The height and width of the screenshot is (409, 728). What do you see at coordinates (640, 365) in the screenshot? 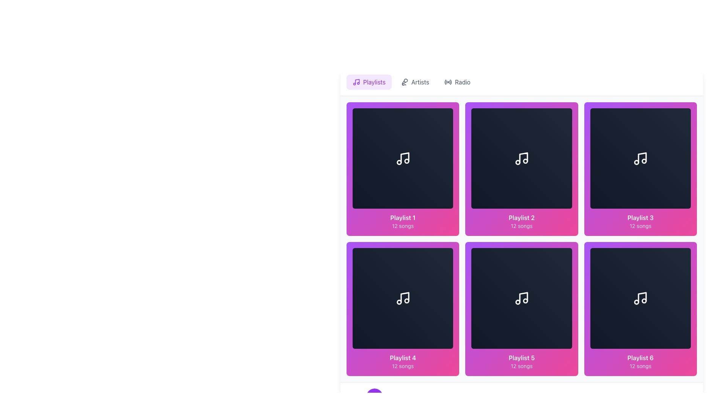
I see `the text label indicating the total number of songs (12) in 'Playlist 6' located at the bottom part of the card in the second row, third column of the grid layout` at bounding box center [640, 365].